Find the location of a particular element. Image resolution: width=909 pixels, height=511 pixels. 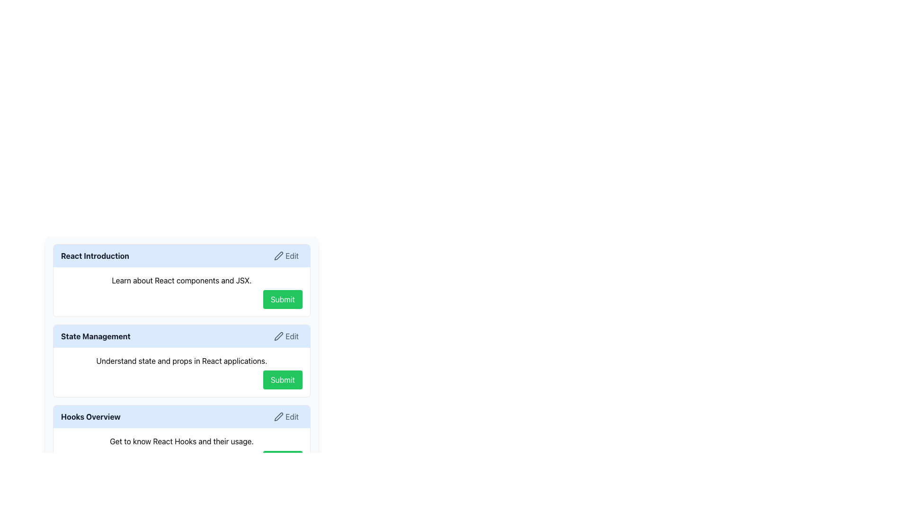

the edit button icon located at the top-right of the 'React Introduction' section to modify the associated content is located at coordinates (278, 335).